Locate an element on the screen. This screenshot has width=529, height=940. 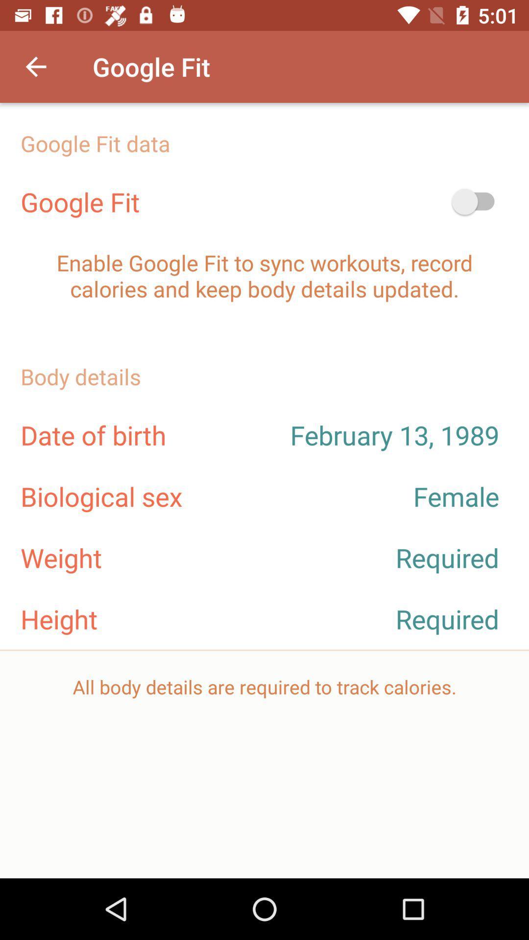
icon next to the google fit item is located at coordinates (35, 66).